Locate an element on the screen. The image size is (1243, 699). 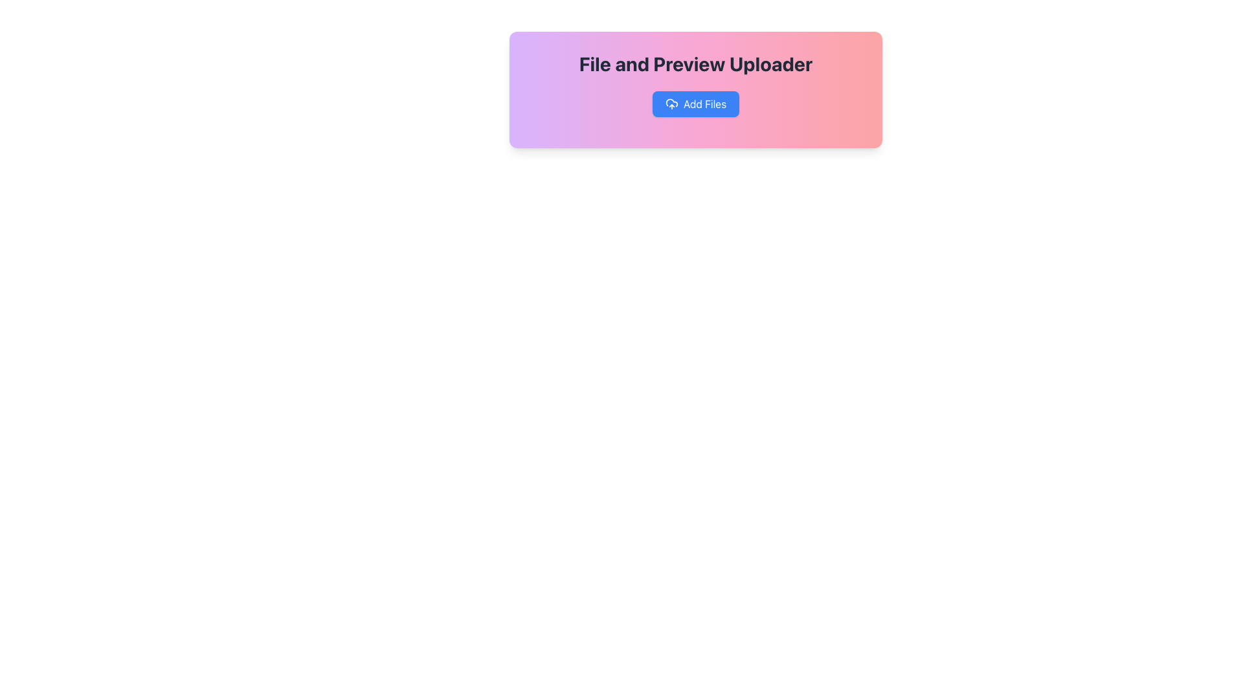
the blue 'Add Files' button with white text is located at coordinates (704, 104).